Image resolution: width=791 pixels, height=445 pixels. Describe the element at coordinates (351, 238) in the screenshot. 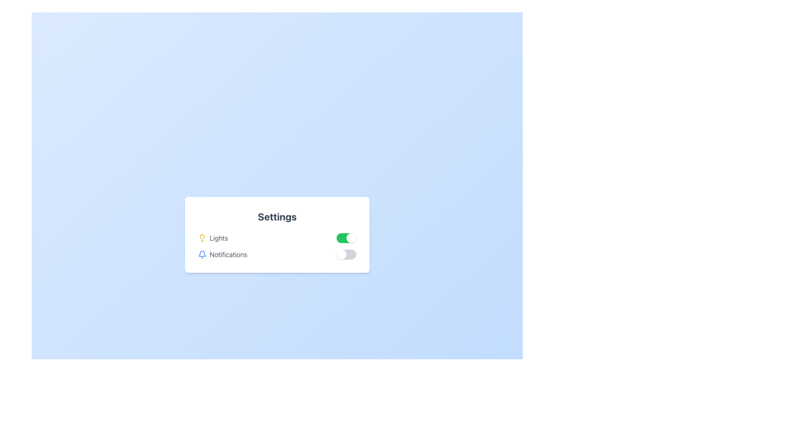

I see `the circular handle of the toggle switch located on the far-right side of the green toggle switch layout in the top-right corner of the 'Settings' card` at that location.